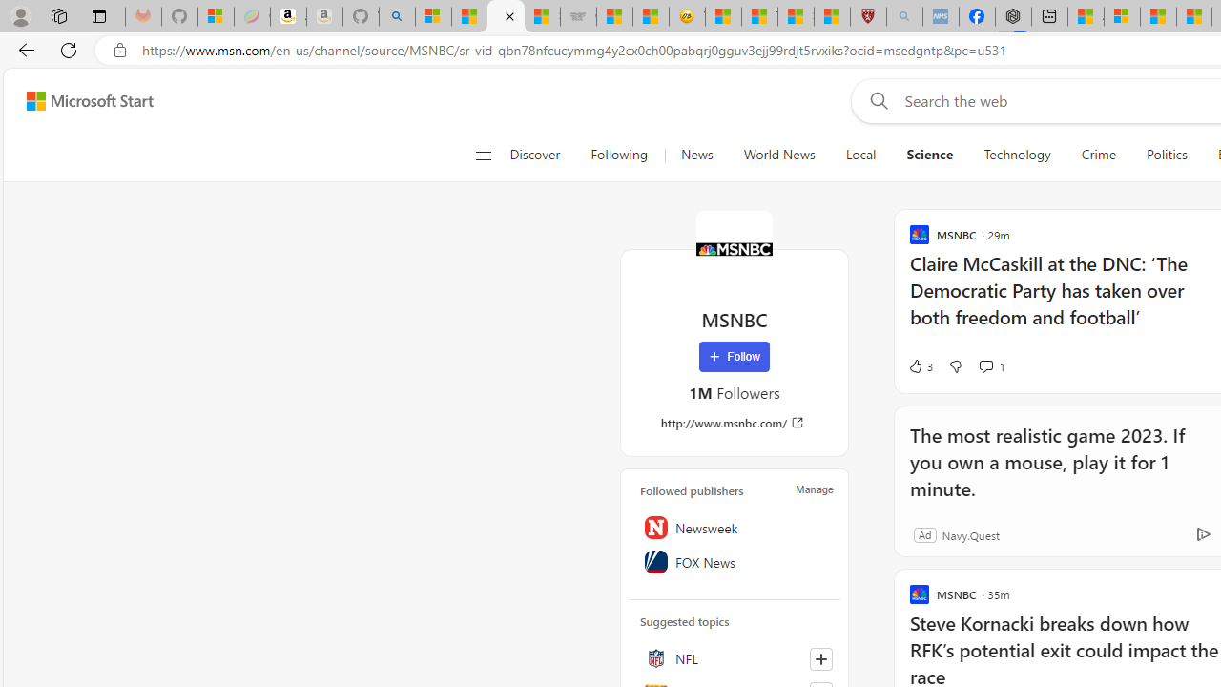  Describe the element at coordinates (1013, 16) in the screenshot. I see `'Nordace - Nordace Siena Is Not An Ordinary Backpack'` at that location.